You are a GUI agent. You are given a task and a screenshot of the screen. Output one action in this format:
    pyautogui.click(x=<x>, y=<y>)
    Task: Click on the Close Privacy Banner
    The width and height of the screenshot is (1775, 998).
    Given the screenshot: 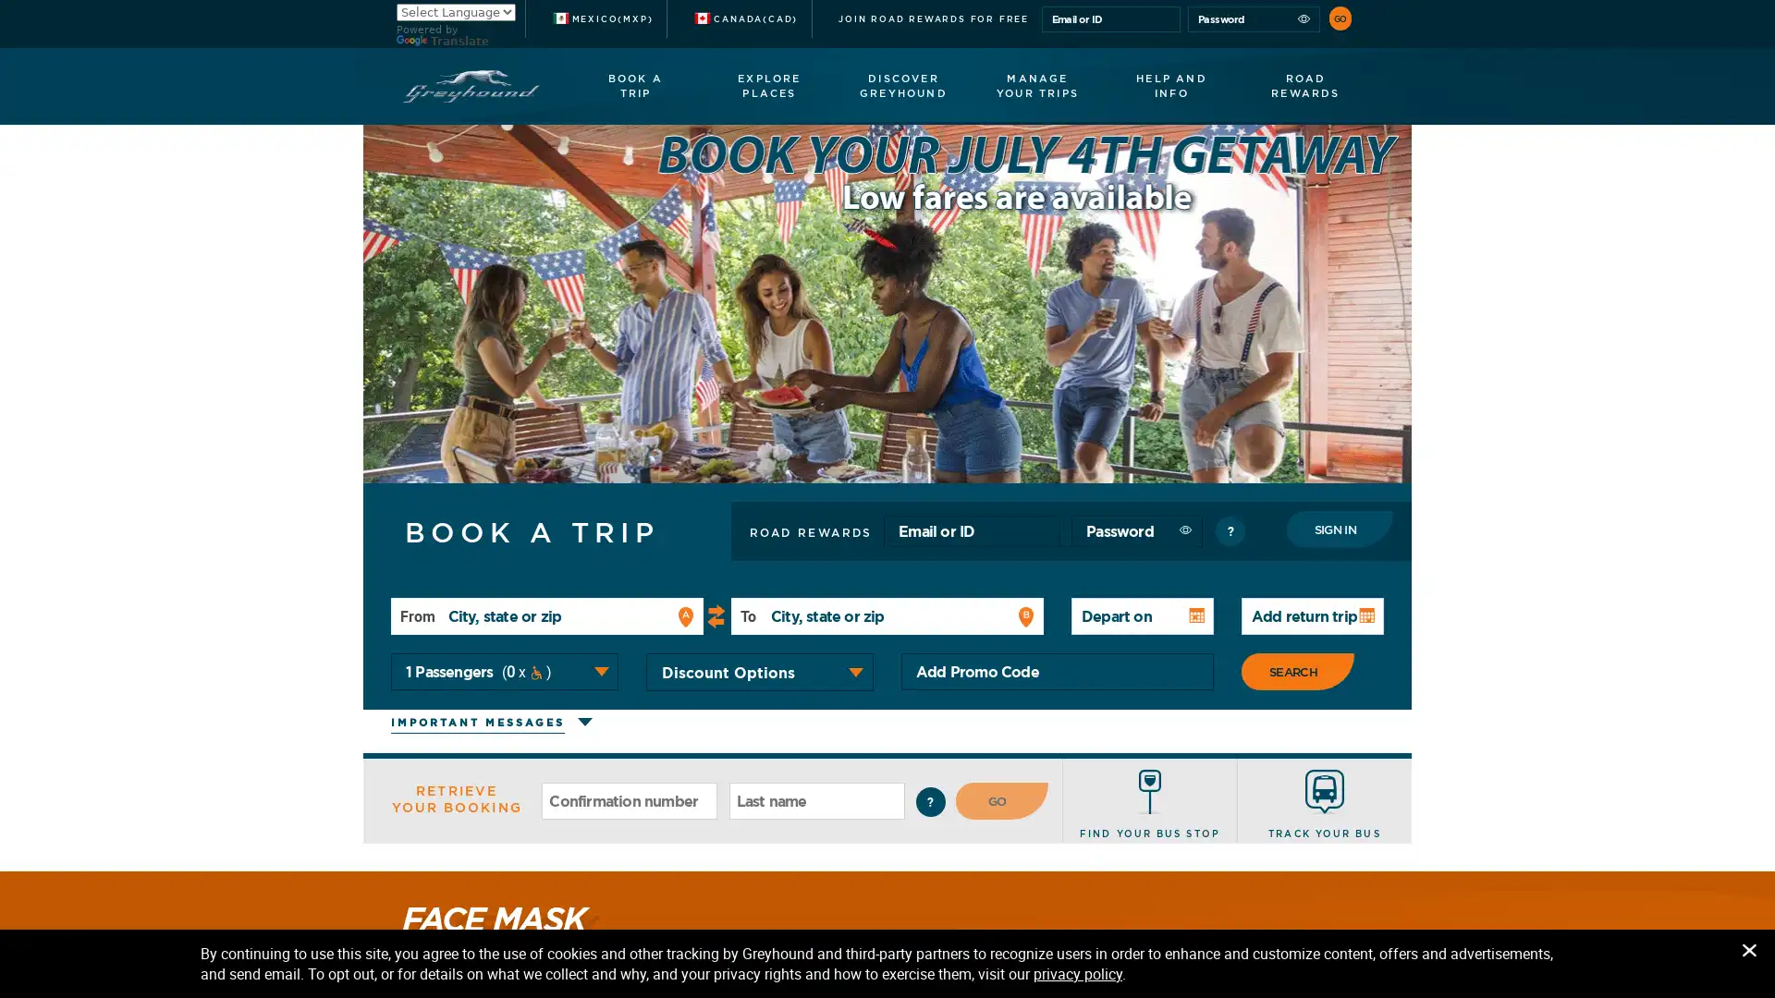 What is the action you would take?
    pyautogui.click(x=1751, y=951)
    